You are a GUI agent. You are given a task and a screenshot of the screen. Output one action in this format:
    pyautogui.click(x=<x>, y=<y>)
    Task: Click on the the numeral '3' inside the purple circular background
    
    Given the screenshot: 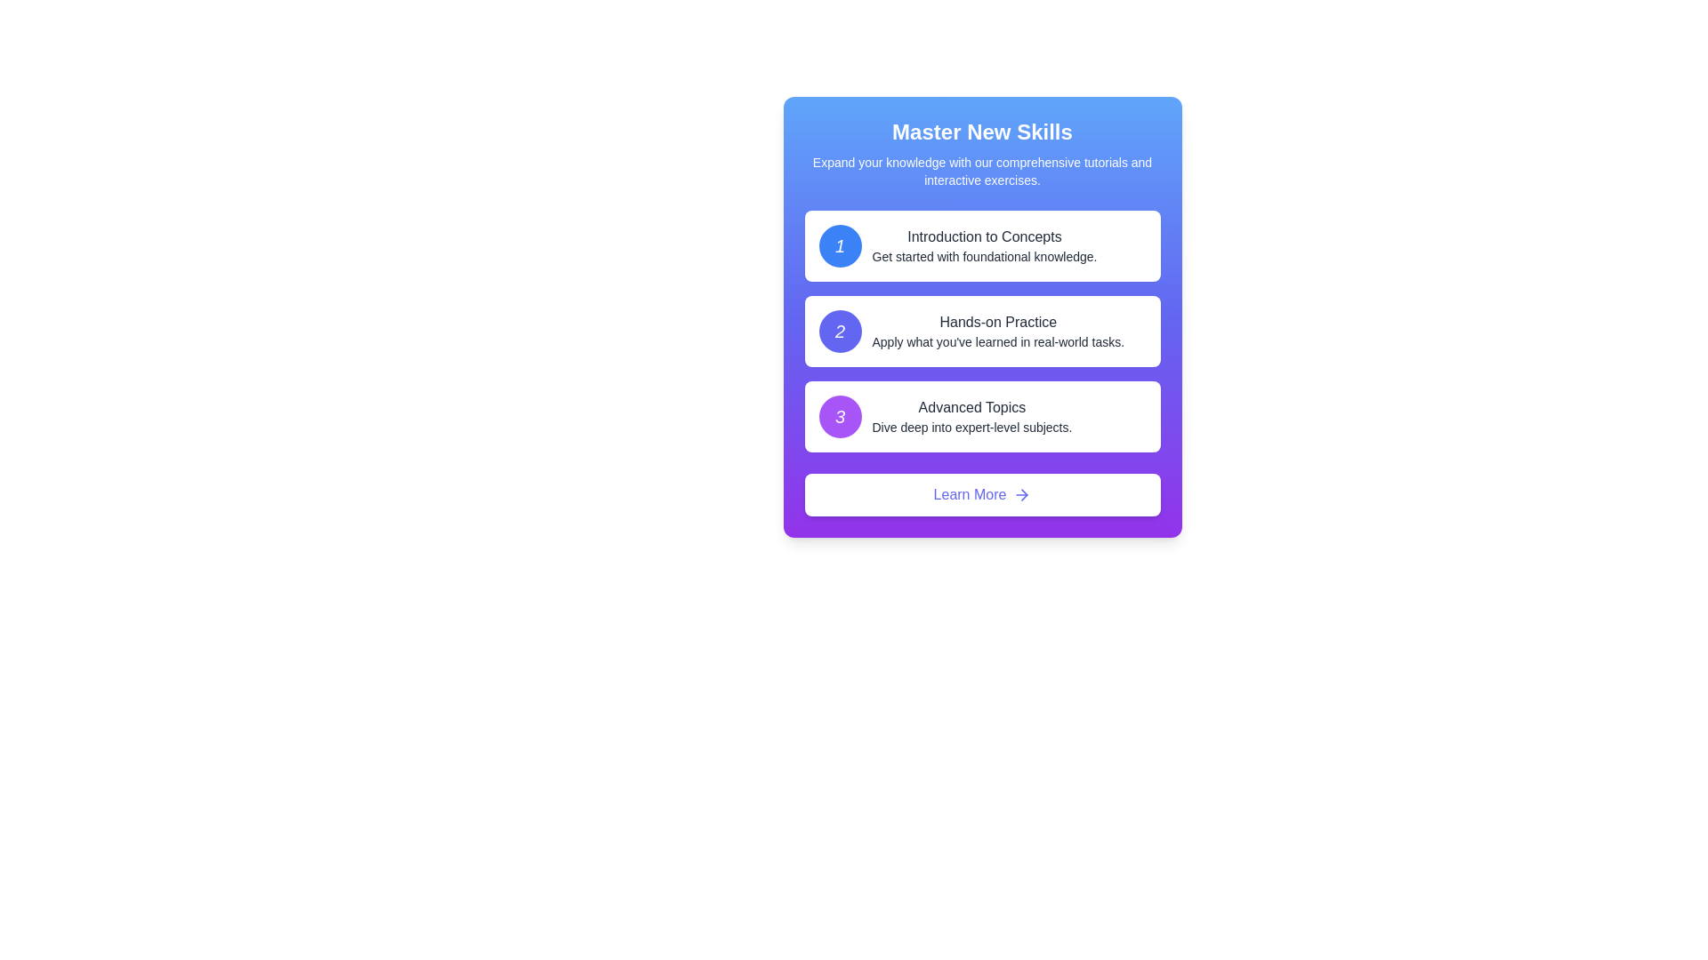 What is the action you would take?
    pyautogui.click(x=839, y=417)
    